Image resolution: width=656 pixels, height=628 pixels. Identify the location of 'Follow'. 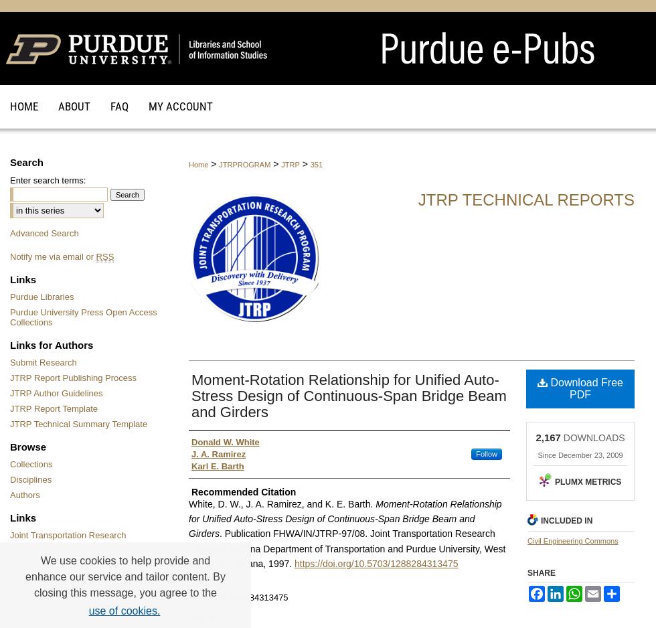
(486, 453).